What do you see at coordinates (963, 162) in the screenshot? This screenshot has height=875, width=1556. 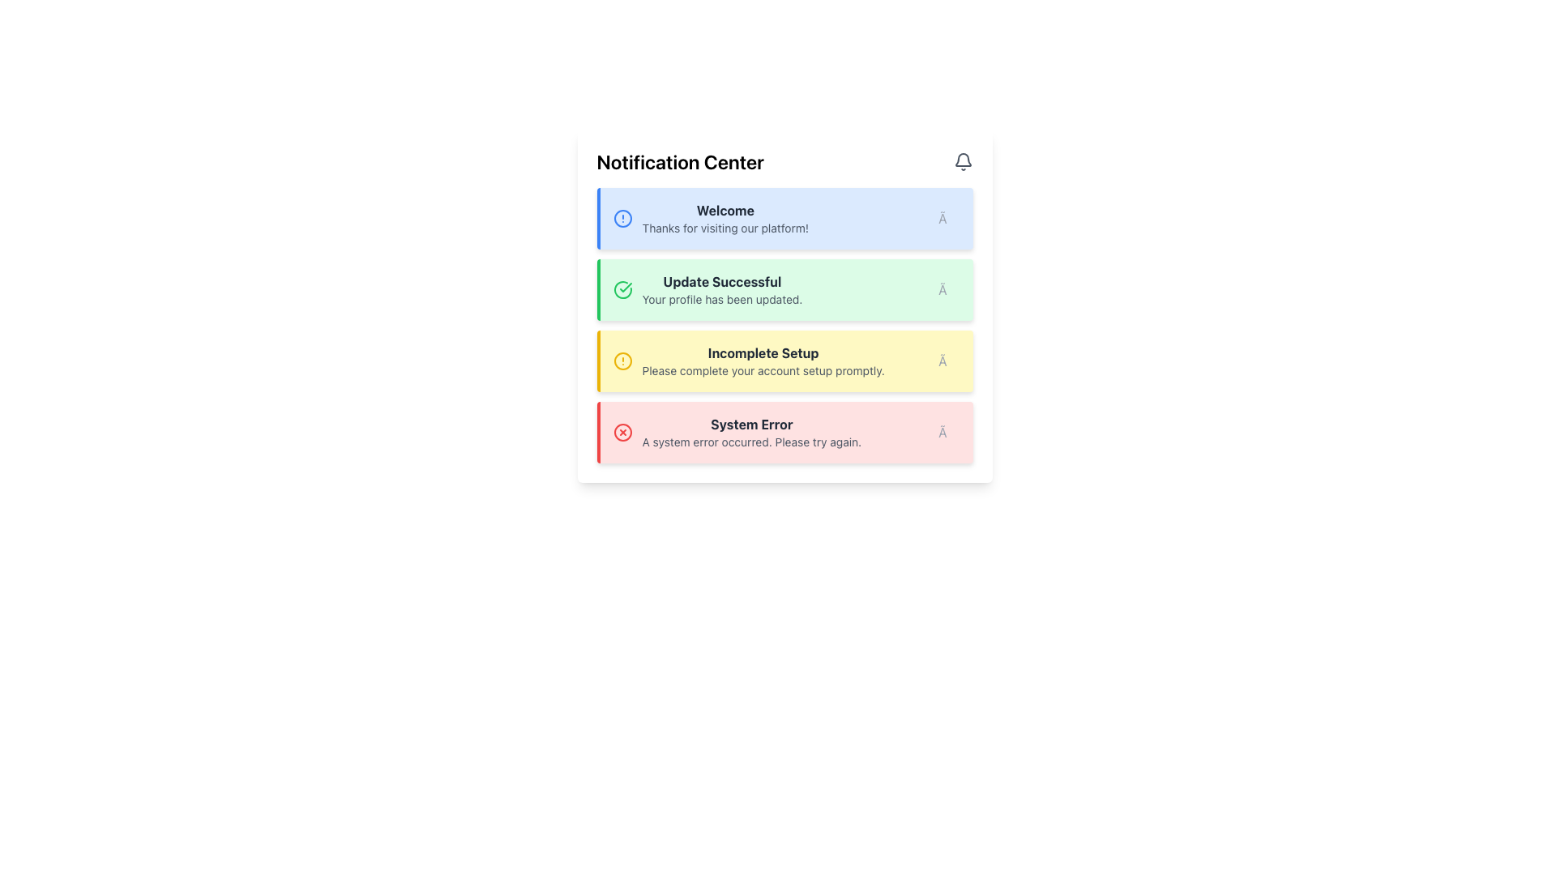 I see `the notification icon located to the far-right within the header section of the 'Notification Center' area for options` at bounding box center [963, 162].